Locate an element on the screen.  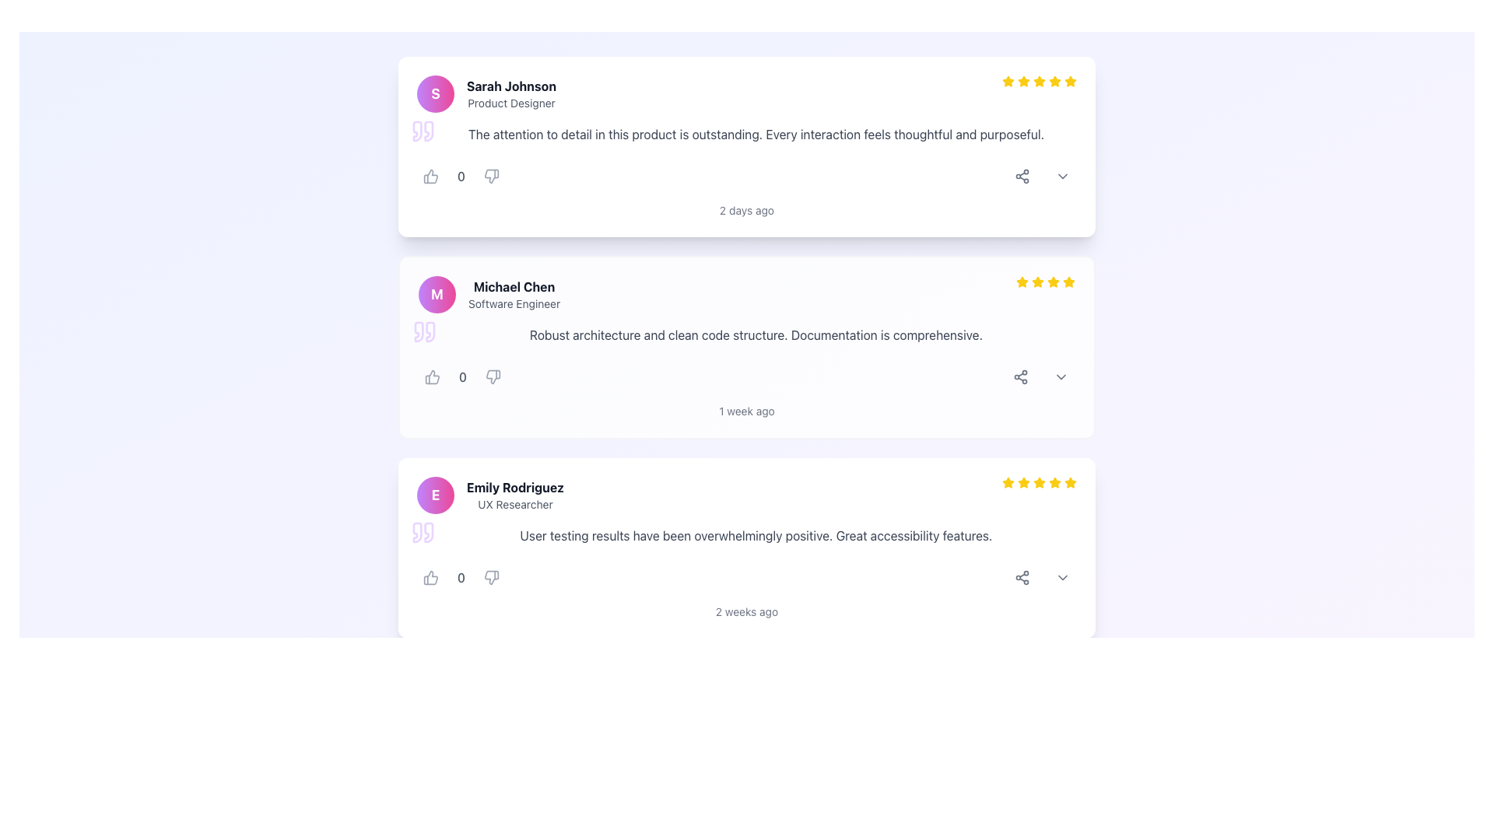
the third star icon in the top-right corner of the second review card by 'Michael Chen' is located at coordinates (1038, 282).